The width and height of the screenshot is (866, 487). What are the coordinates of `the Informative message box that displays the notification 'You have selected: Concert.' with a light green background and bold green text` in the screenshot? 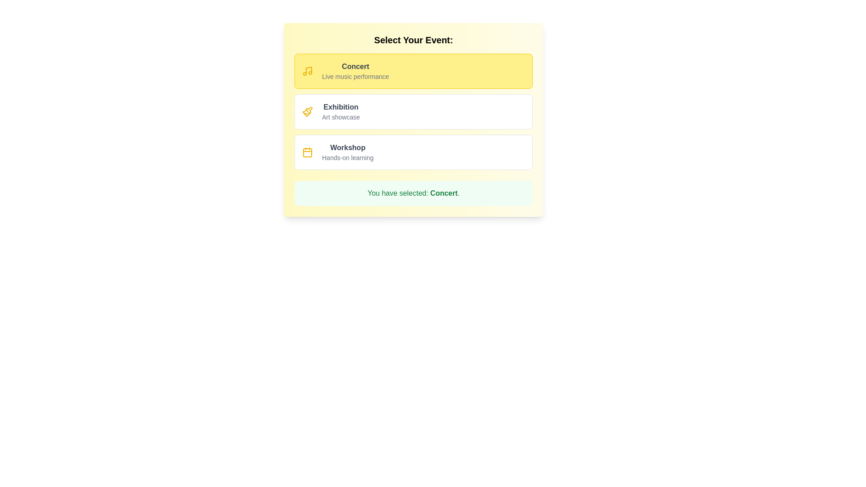 It's located at (413, 193).